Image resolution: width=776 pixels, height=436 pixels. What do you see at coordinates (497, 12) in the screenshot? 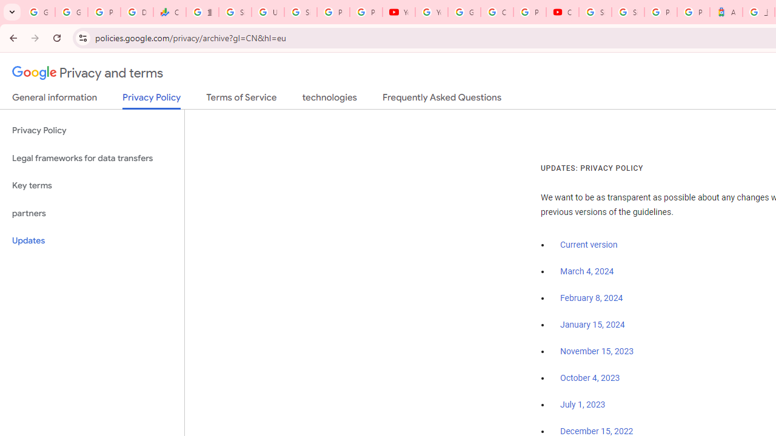
I see `'Create your Google Account'` at bounding box center [497, 12].